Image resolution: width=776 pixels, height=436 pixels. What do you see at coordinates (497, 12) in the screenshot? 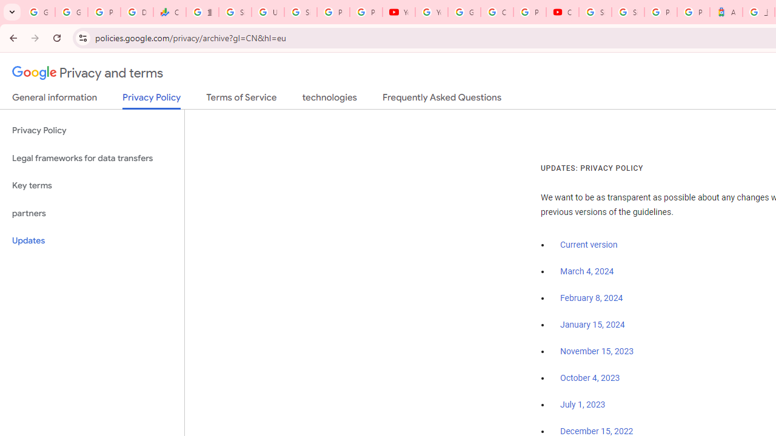
I see `'Create your Google Account'` at bounding box center [497, 12].